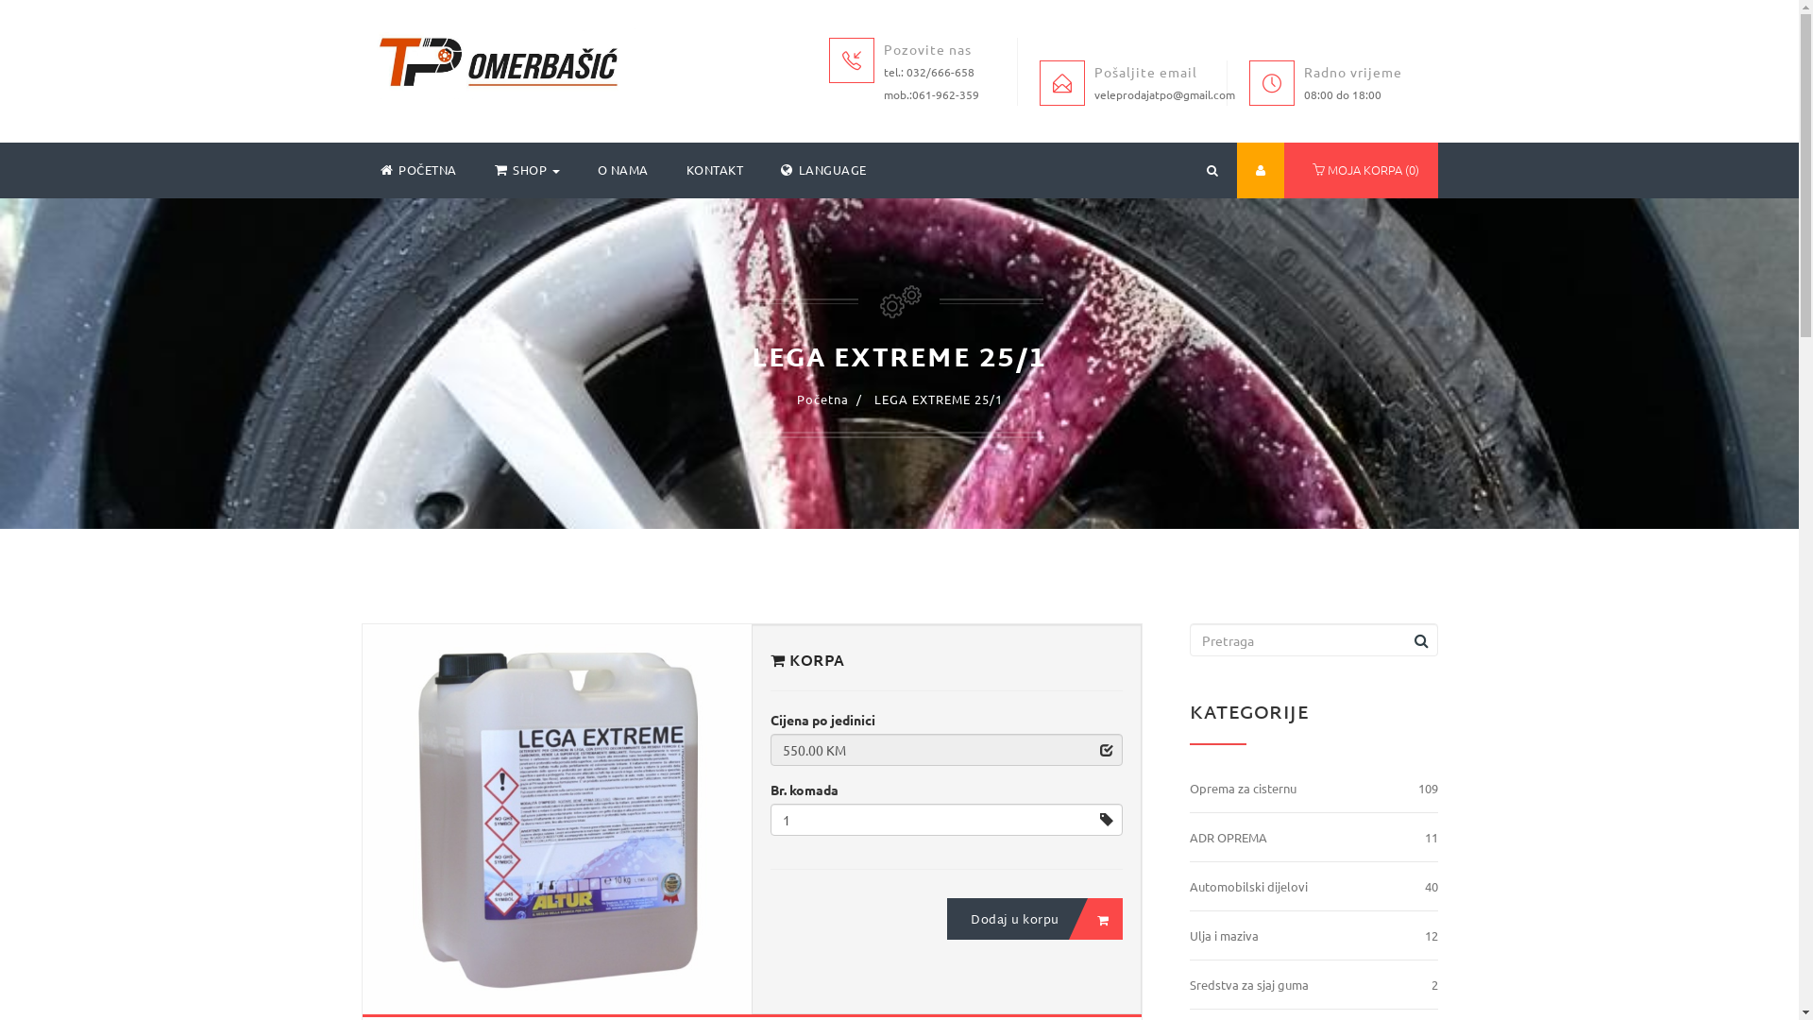 Image resolution: width=1813 pixels, height=1020 pixels. Describe the element at coordinates (1188, 837) in the screenshot. I see `'ADR OPREMA` at that location.